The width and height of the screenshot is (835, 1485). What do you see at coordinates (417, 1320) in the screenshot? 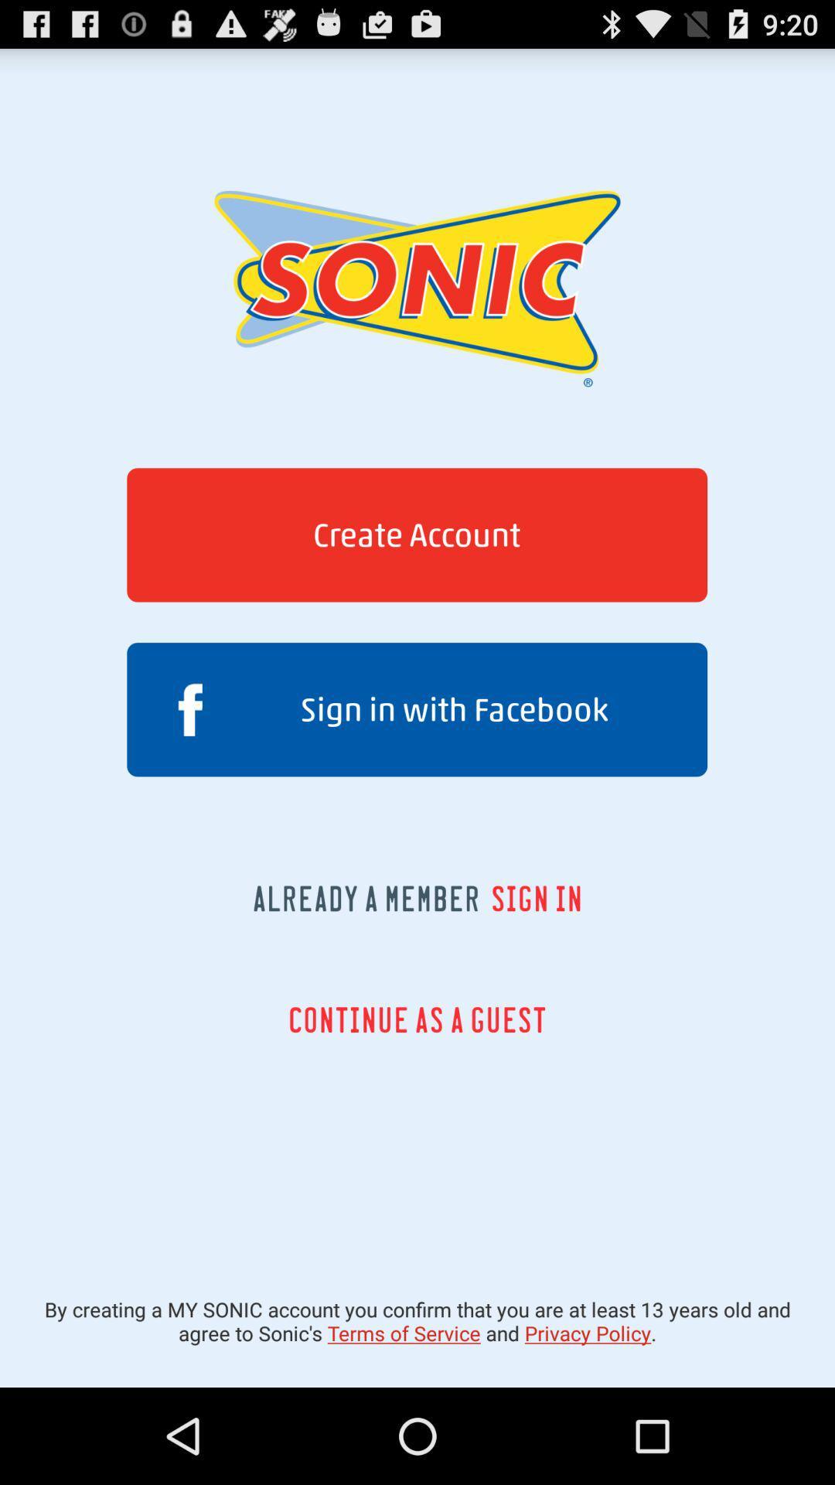
I see `icon below continue as a item` at bounding box center [417, 1320].